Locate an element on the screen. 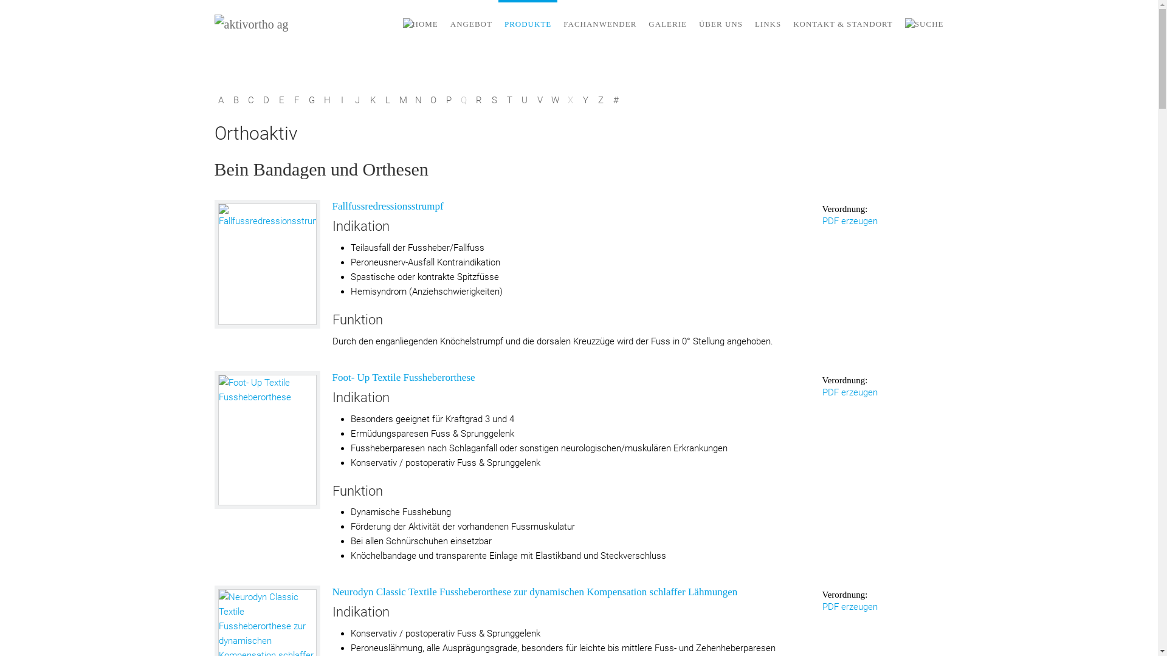 This screenshot has width=1167, height=656. 'Foot- Up Textile Fussheberorthese' is located at coordinates (267, 440).